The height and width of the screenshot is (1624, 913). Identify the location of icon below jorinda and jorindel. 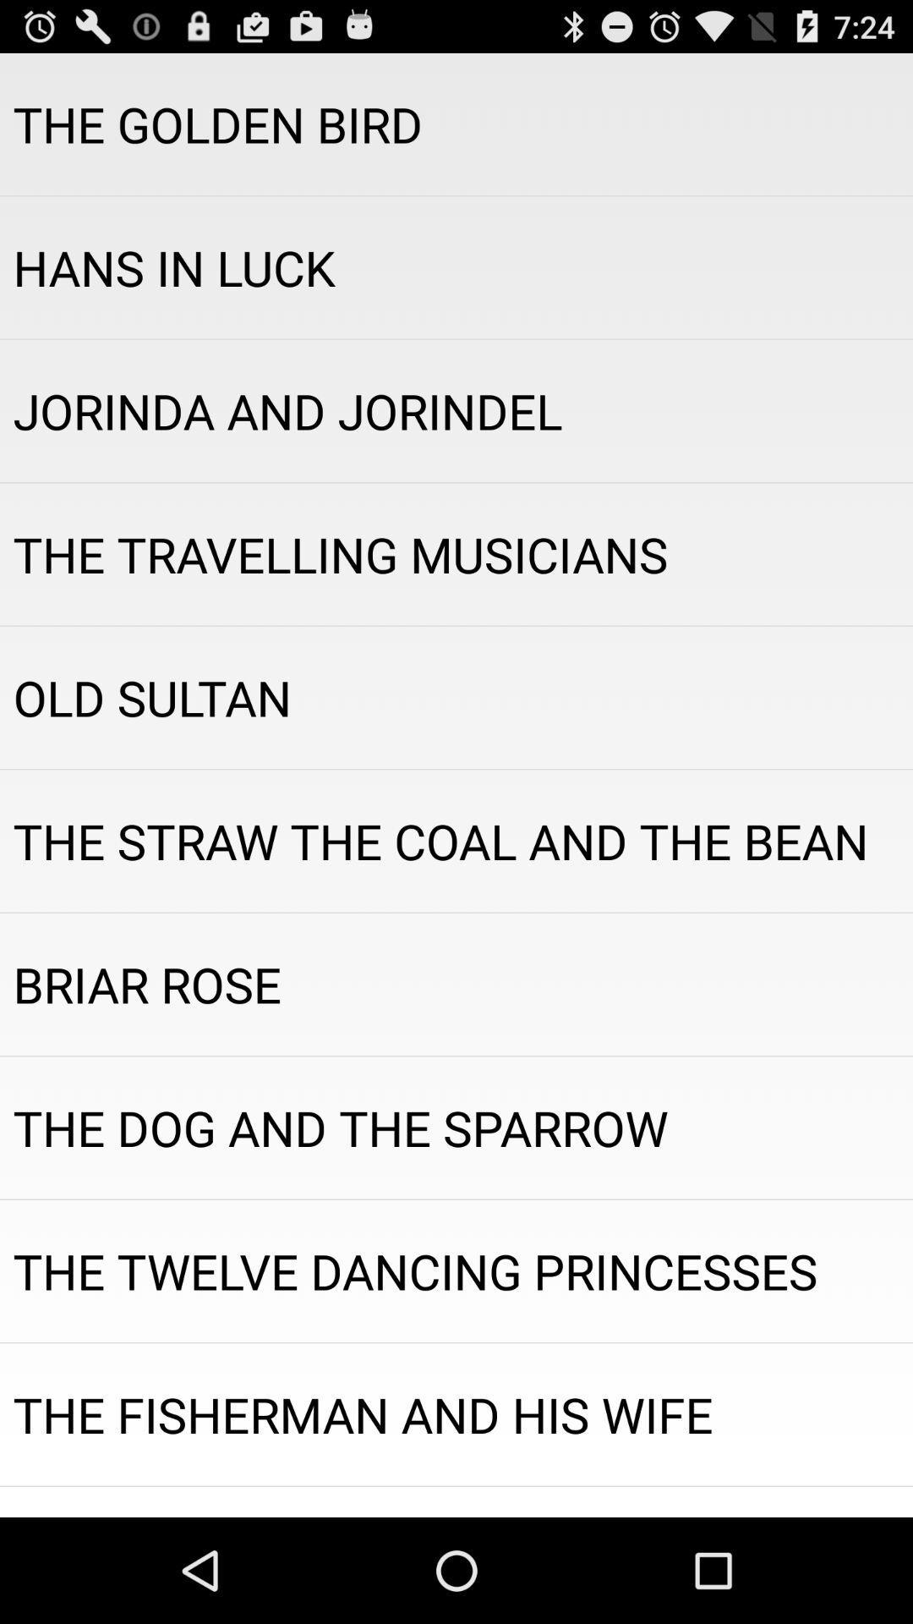
(456, 554).